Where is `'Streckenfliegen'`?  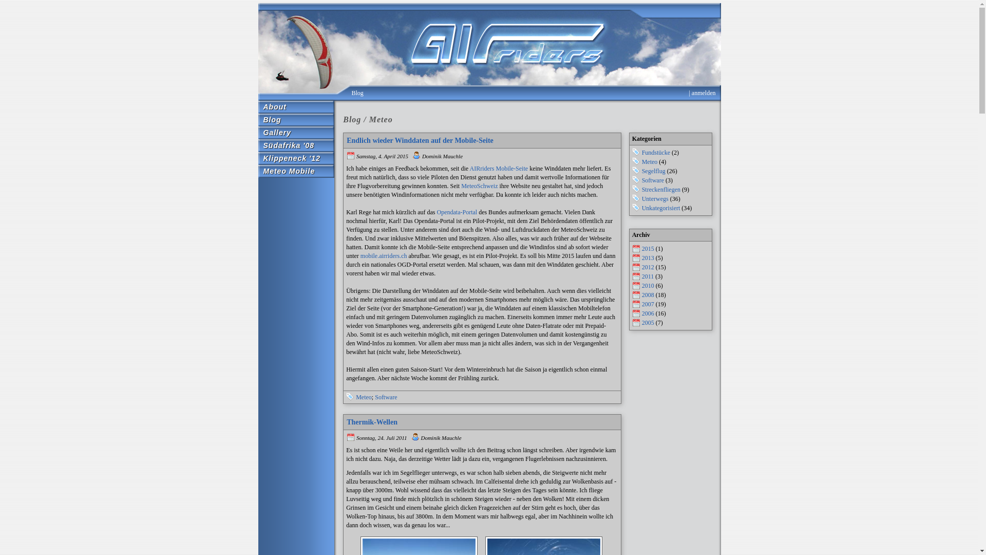
'Streckenfliegen' is located at coordinates (661, 190).